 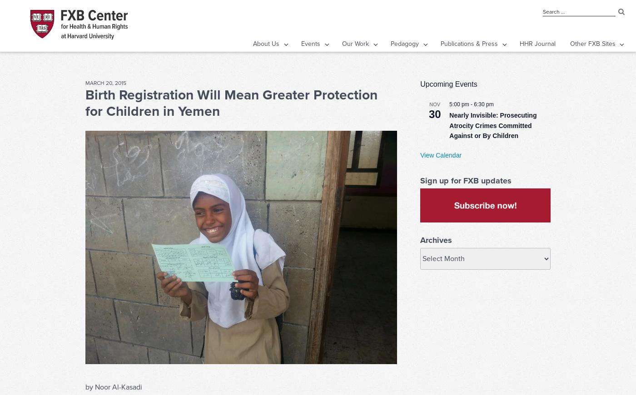 What do you see at coordinates (459, 121) in the screenshot?
I see `'5:00 pm'` at bounding box center [459, 121].